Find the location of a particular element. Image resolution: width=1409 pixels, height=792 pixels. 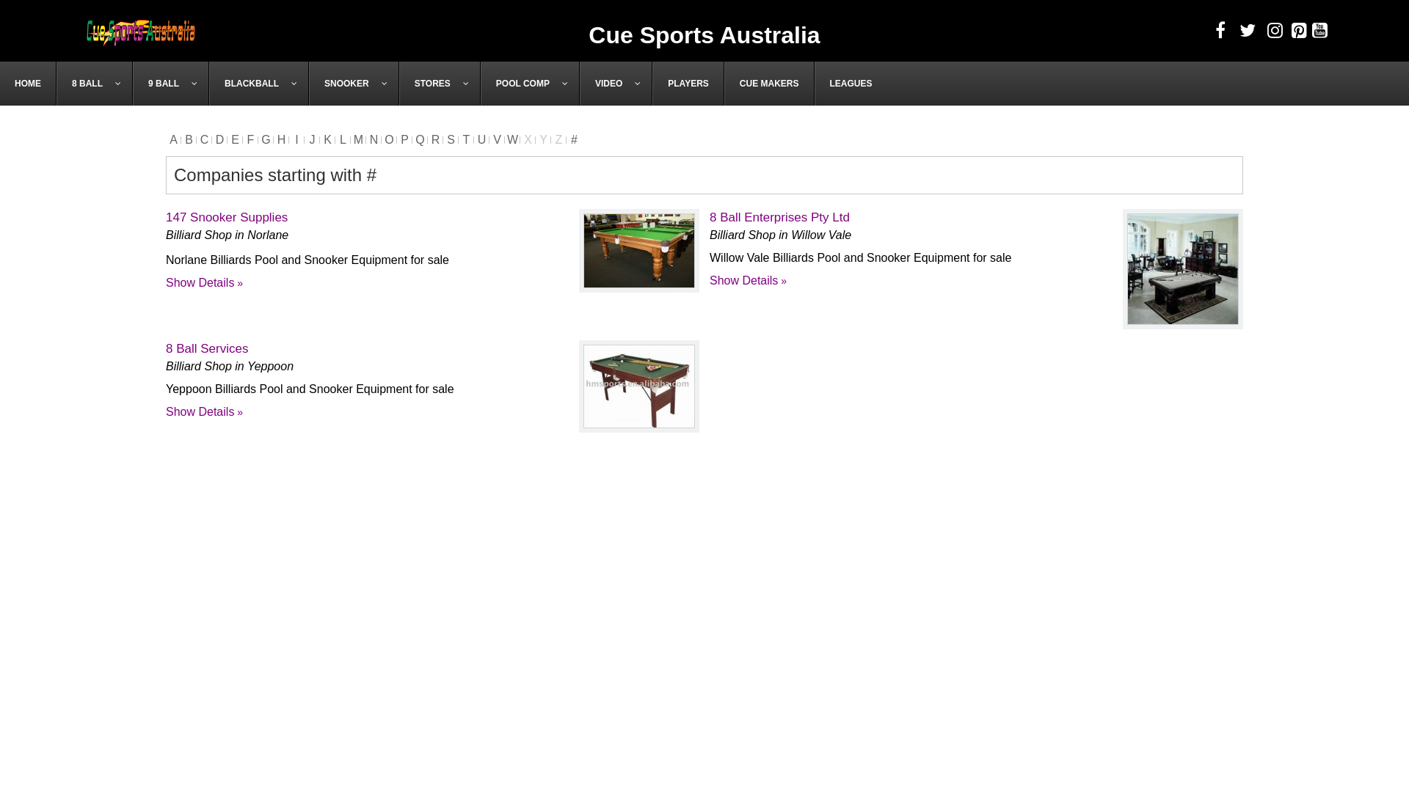

'POOL COMP' is located at coordinates (480, 84).